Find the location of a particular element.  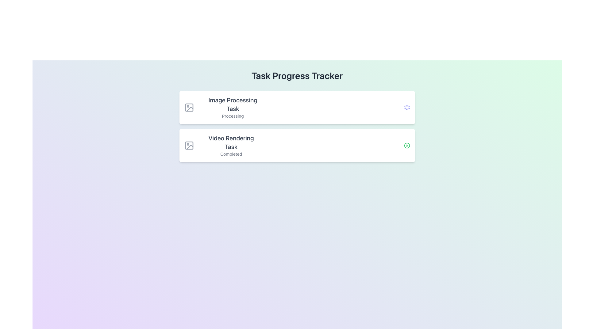

static text 'Image Processing Task' which is styled in bold and located at the top of the first task card in the task list is located at coordinates (233, 104).